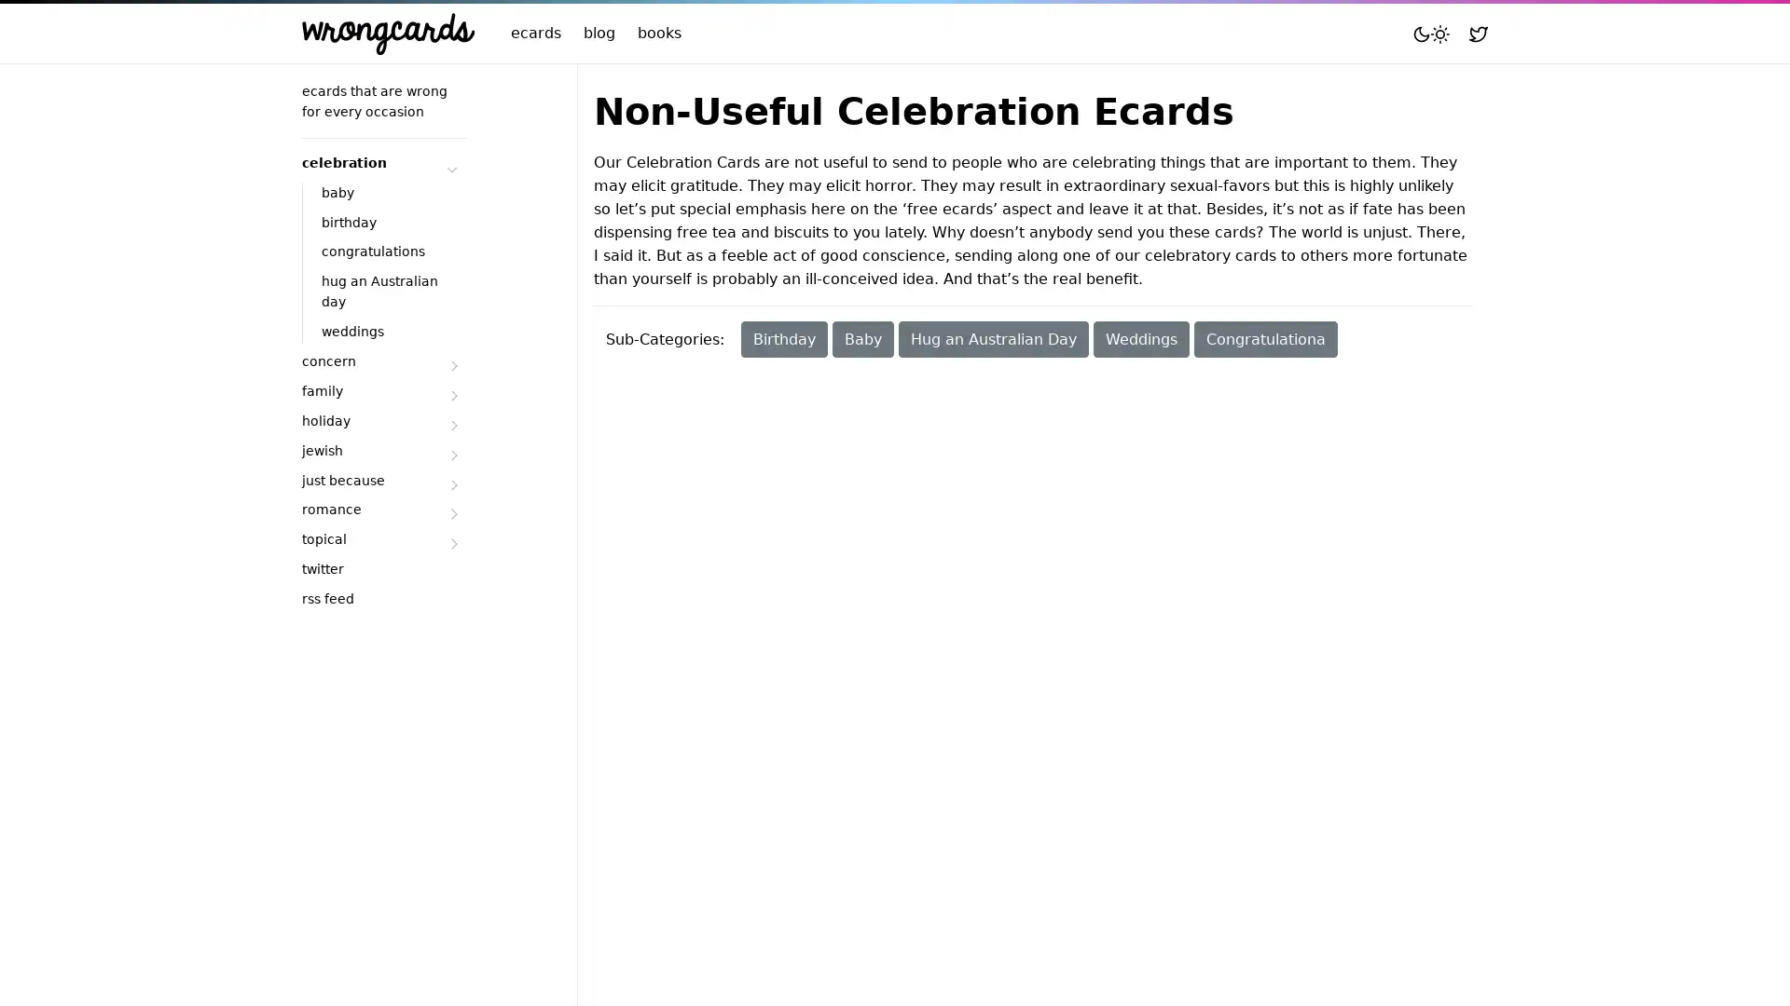 This screenshot has width=1790, height=1006. I want to click on Submenu, so click(451, 366).